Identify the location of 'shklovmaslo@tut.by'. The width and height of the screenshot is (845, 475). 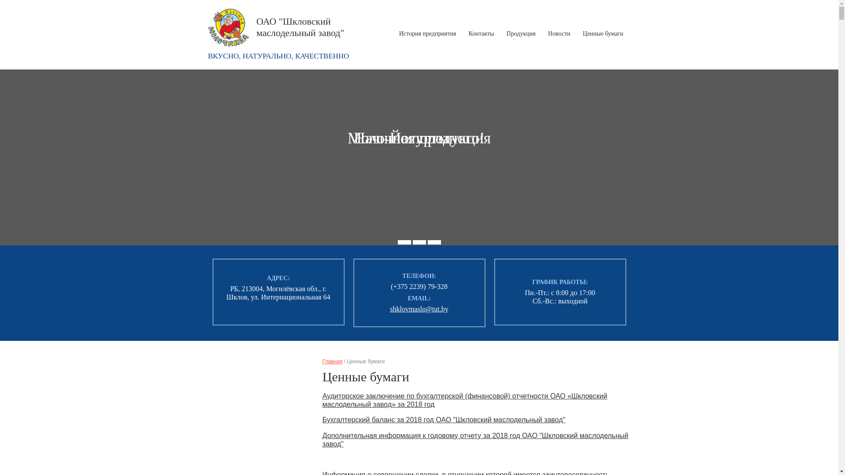
(419, 308).